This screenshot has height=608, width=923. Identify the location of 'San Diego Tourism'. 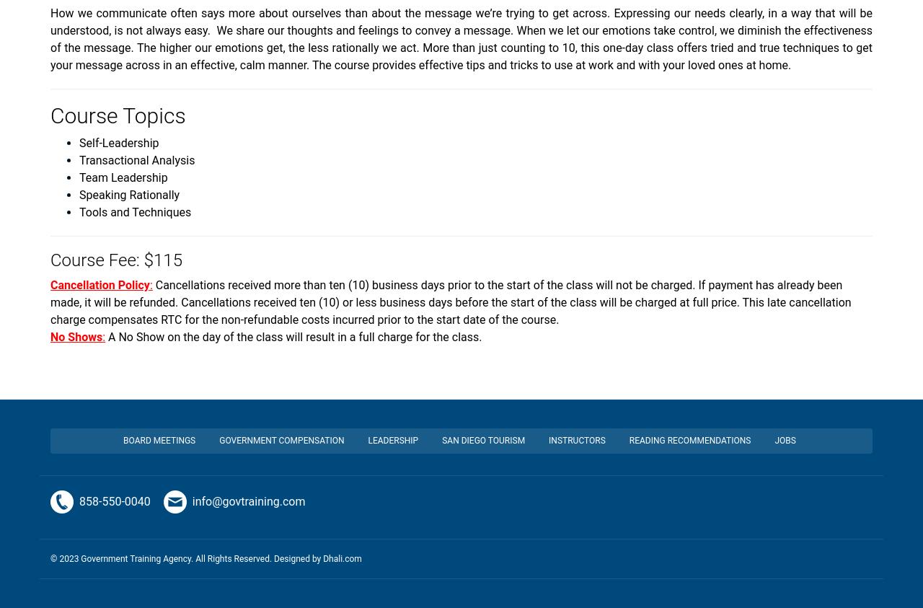
(483, 440).